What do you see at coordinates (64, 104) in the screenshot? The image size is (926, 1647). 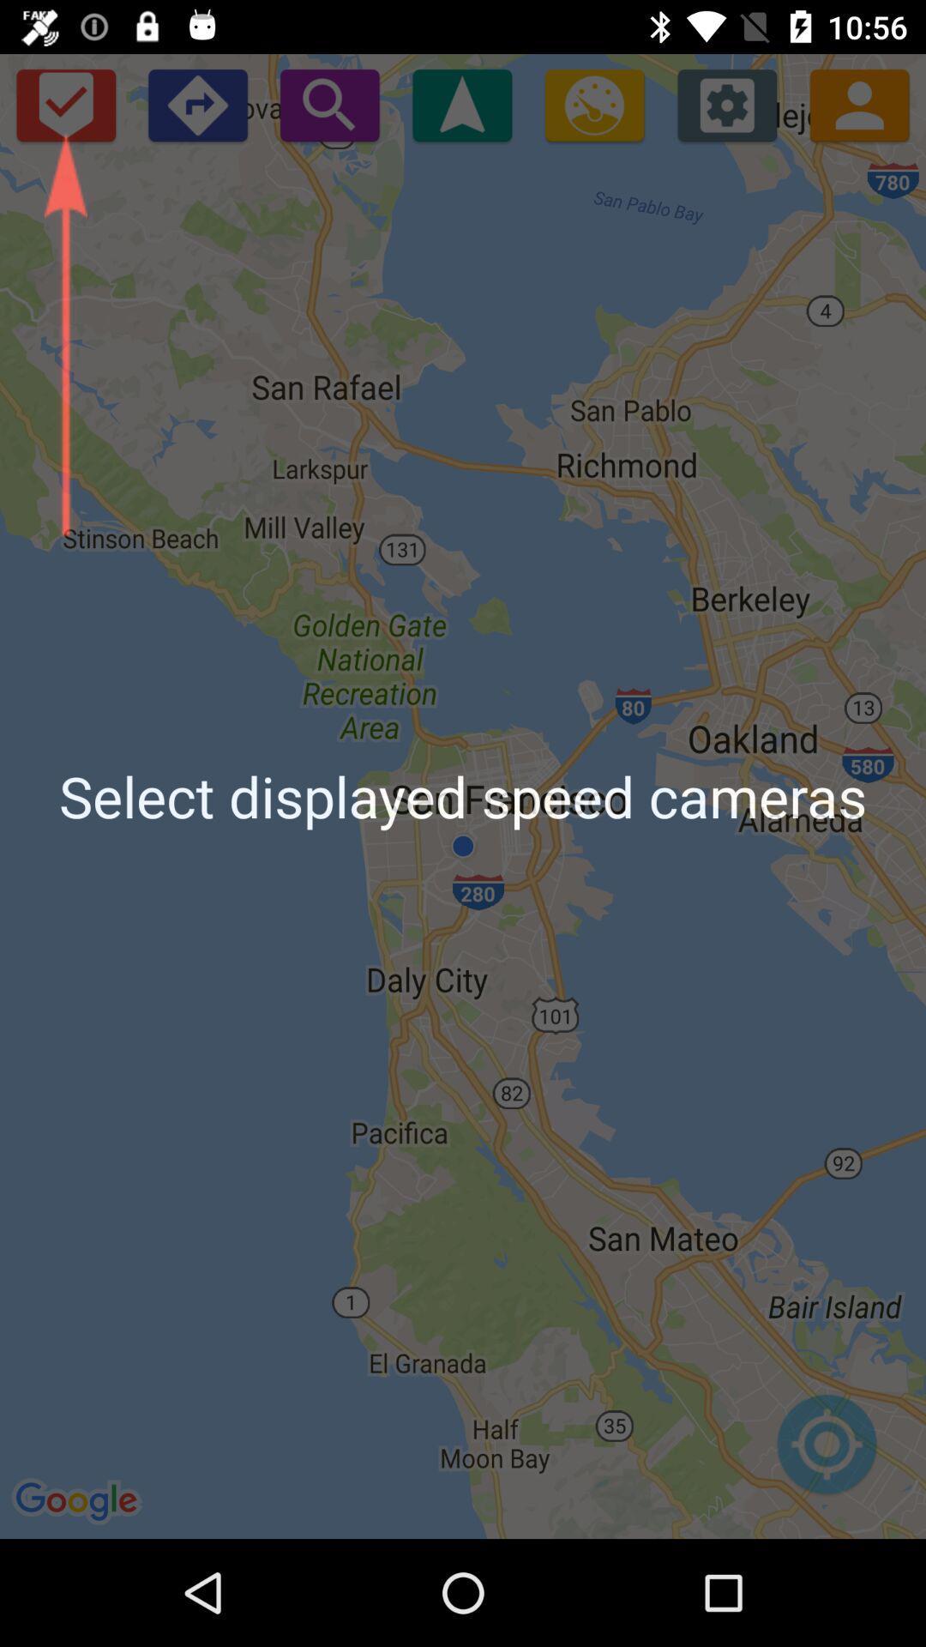 I see `the check icon` at bounding box center [64, 104].